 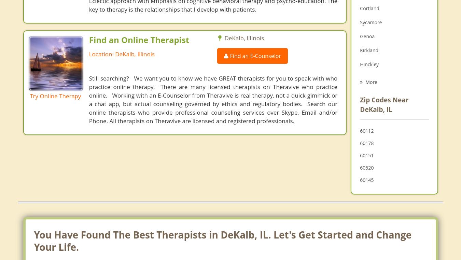 What do you see at coordinates (367, 130) in the screenshot?
I see `'60112'` at bounding box center [367, 130].